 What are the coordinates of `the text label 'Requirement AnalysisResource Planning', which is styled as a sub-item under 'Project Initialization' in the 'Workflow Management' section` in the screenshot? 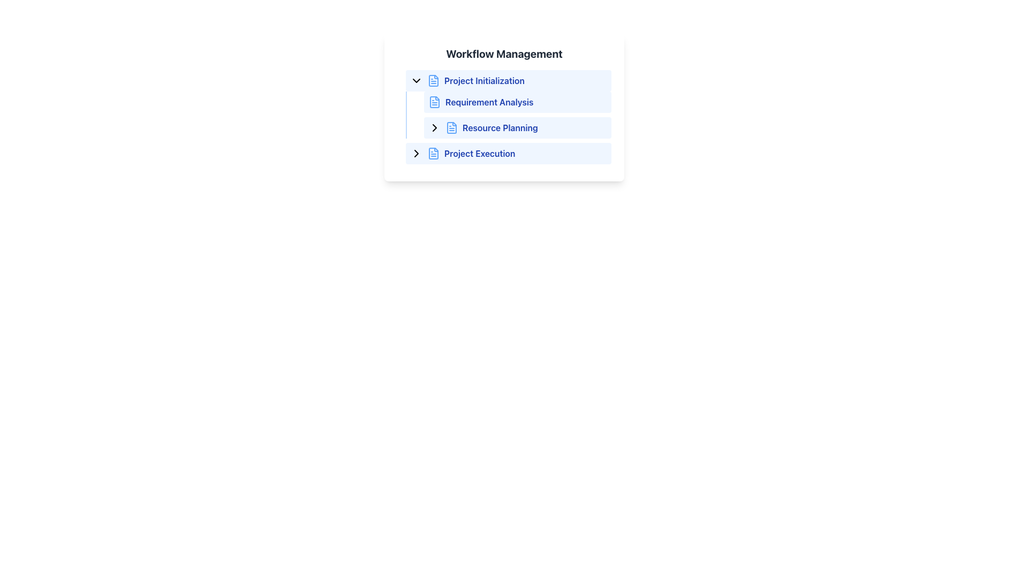 It's located at (508, 104).